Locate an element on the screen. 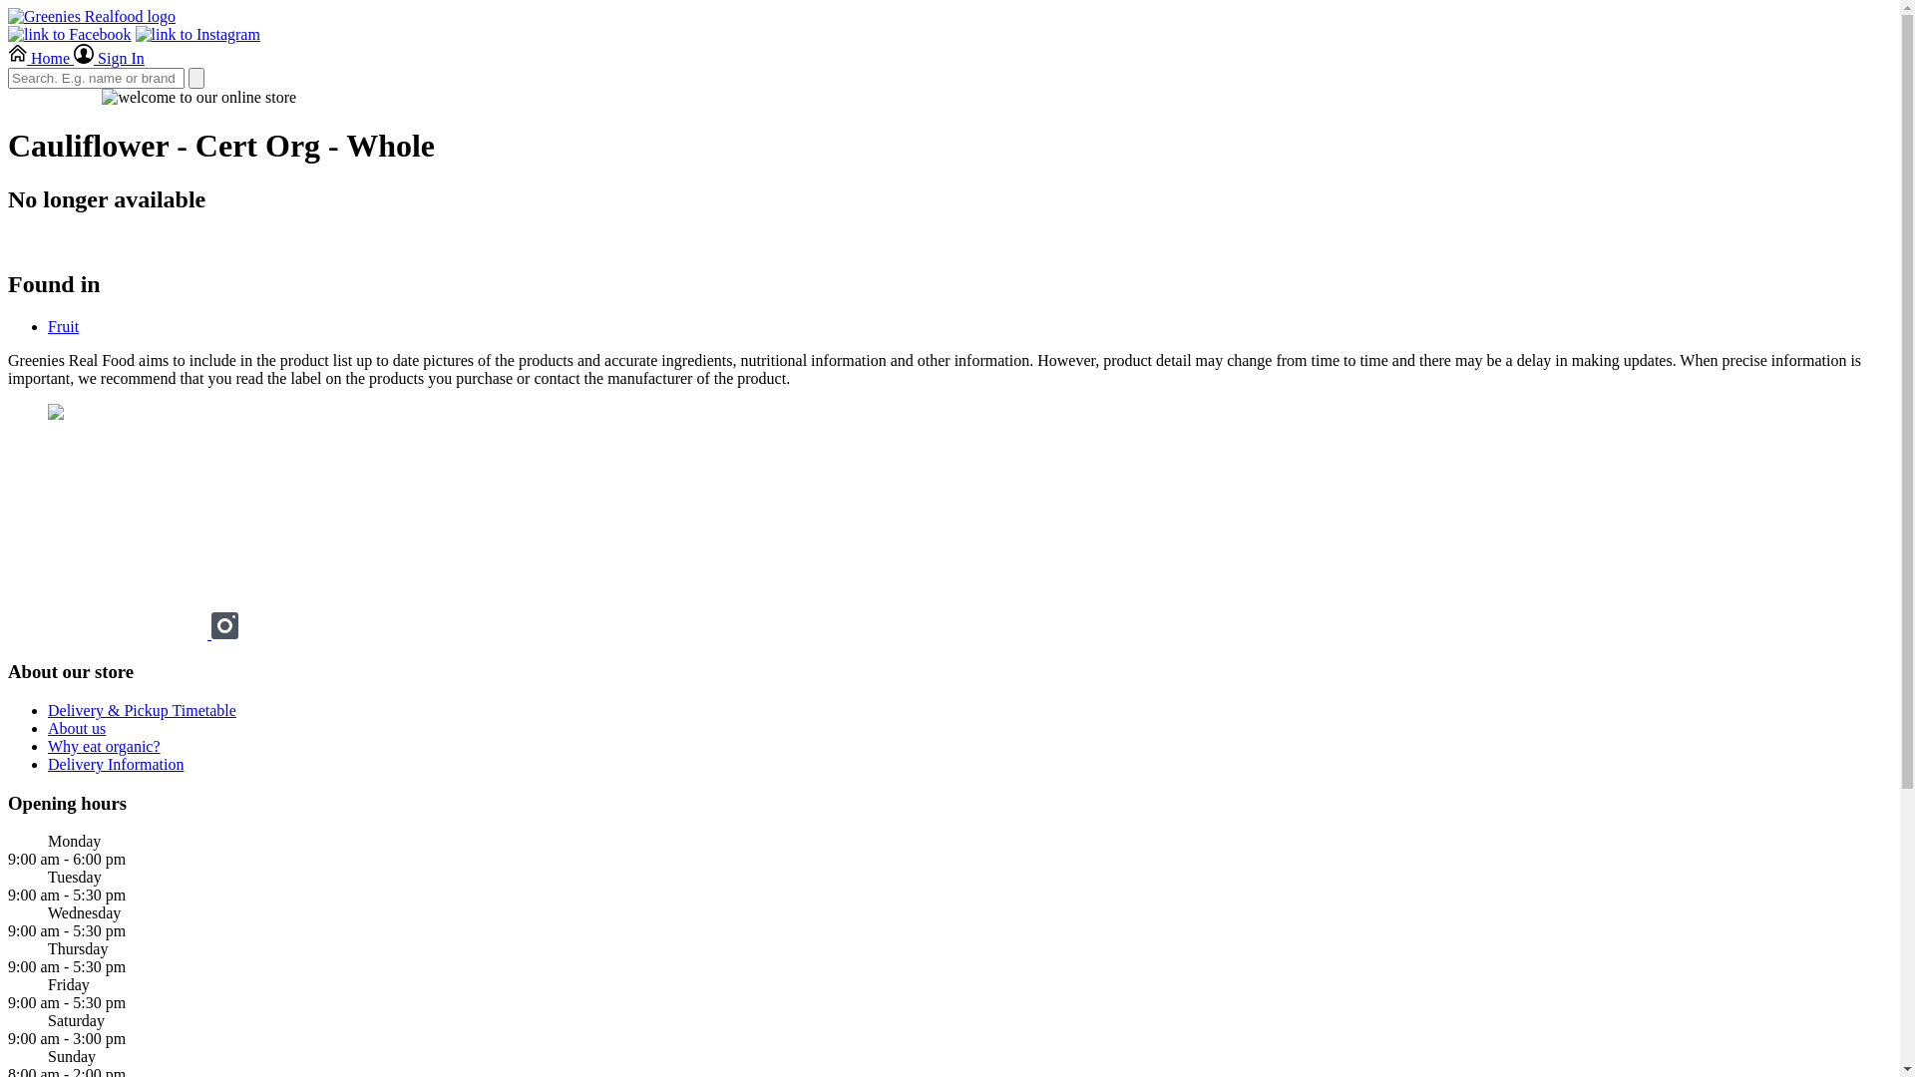 The height and width of the screenshot is (1077, 1915). 'Delivery Information' is located at coordinates (48, 763).